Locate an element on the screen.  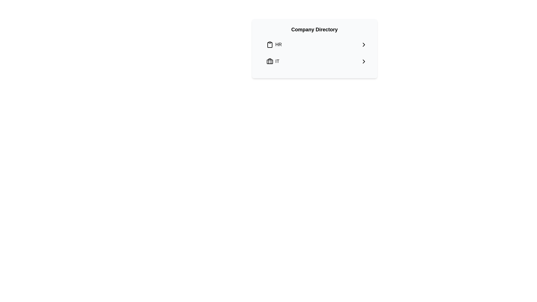
the text label 'IT' which is part of the second entry in a directory-like layout, located below the 'HR' entry and aligned with its corresponding briefcase icon is located at coordinates (277, 61).